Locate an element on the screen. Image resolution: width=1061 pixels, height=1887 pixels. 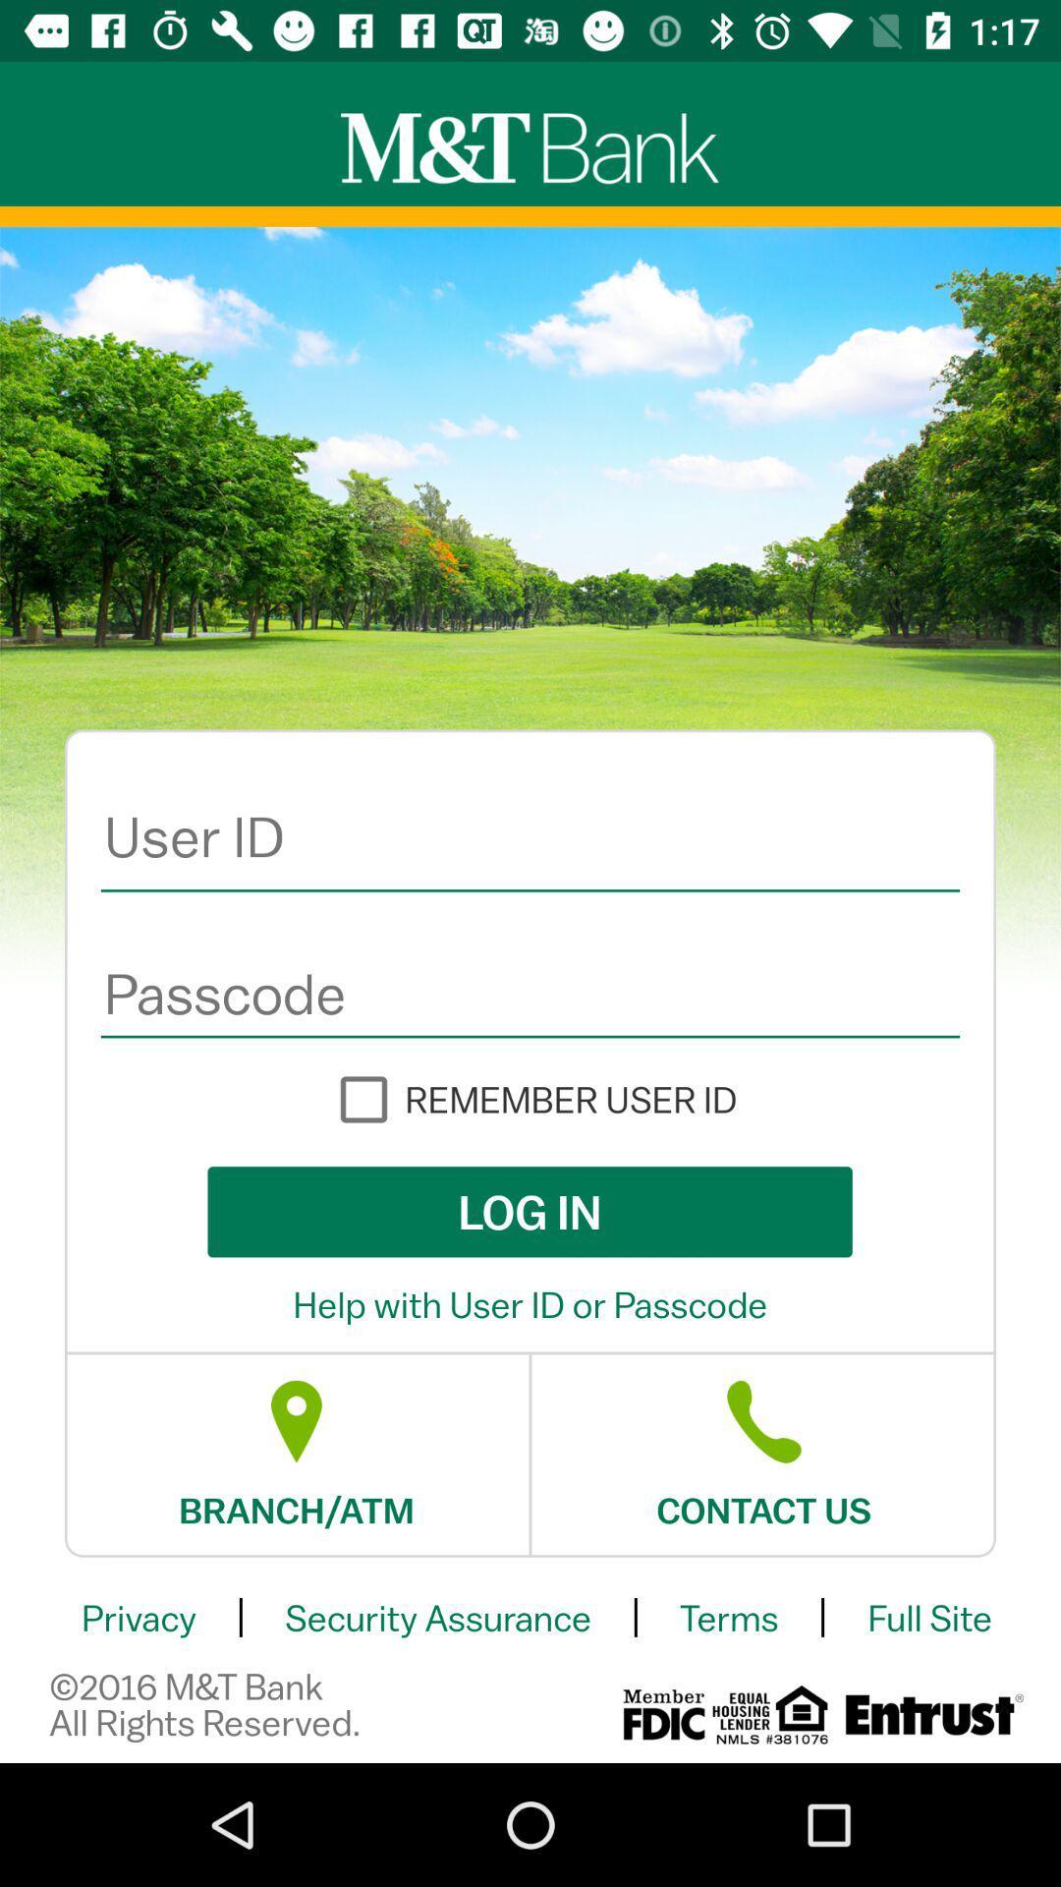
item below the log in item is located at coordinates (530, 1304).